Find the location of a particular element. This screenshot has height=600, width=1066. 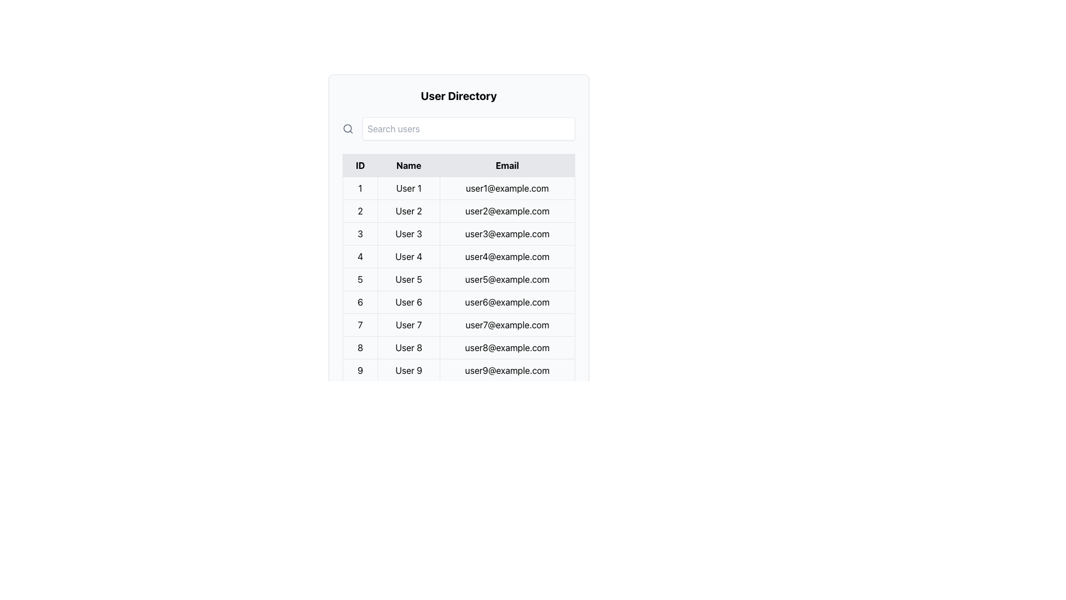

the Table Cell representing the user identifier 'User 3' located in the third row under the 'ID' column is located at coordinates (360, 233).